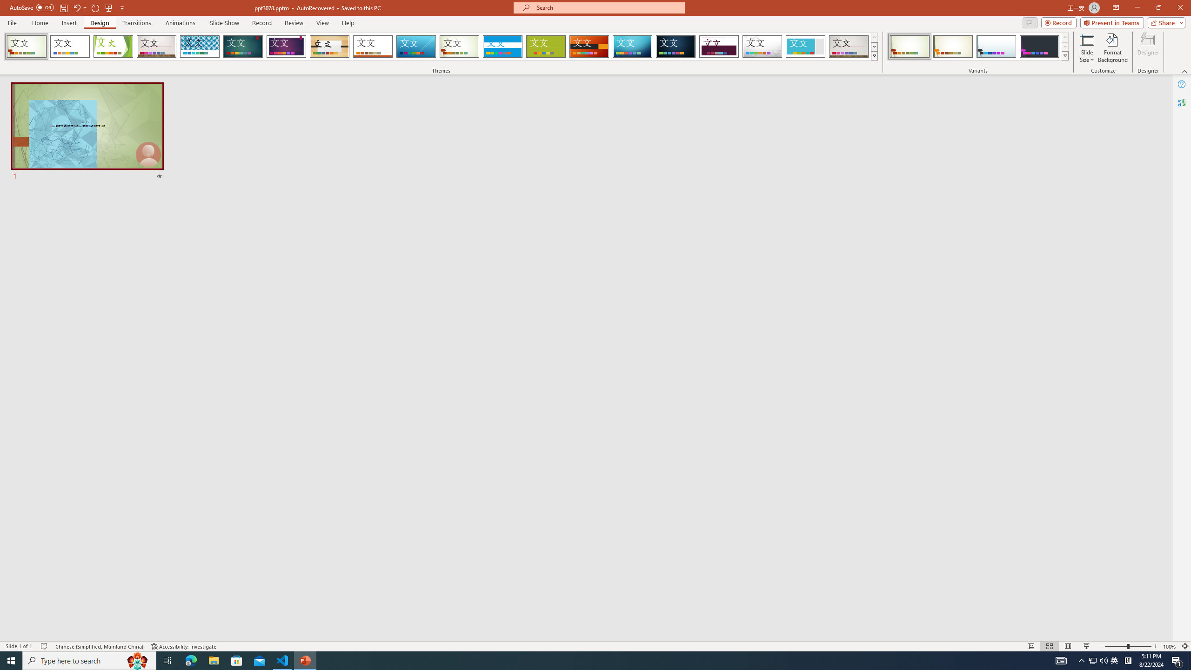 The image size is (1191, 670). Describe the element at coordinates (87, 132) in the screenshot. I see `'Slide'` at that location.